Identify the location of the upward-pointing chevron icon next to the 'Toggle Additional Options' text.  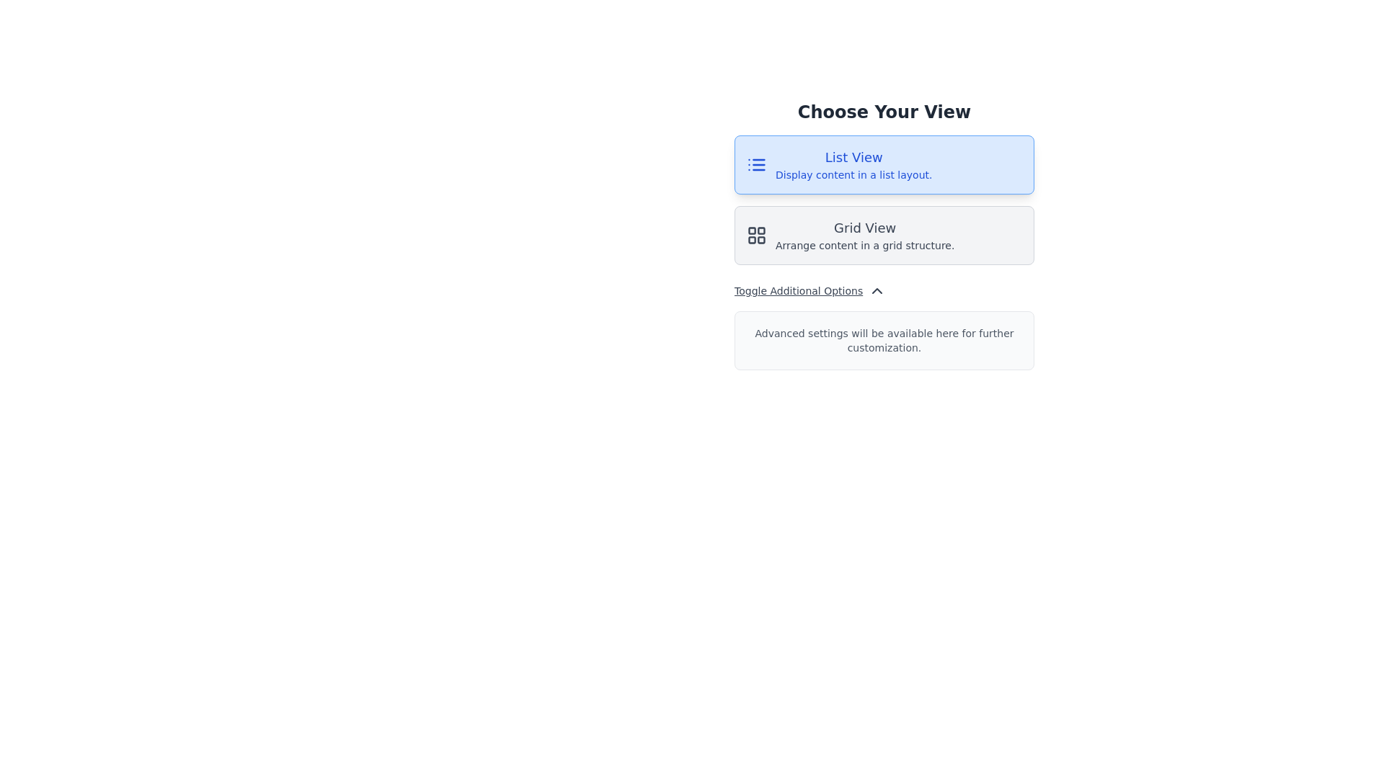
(877, 291).